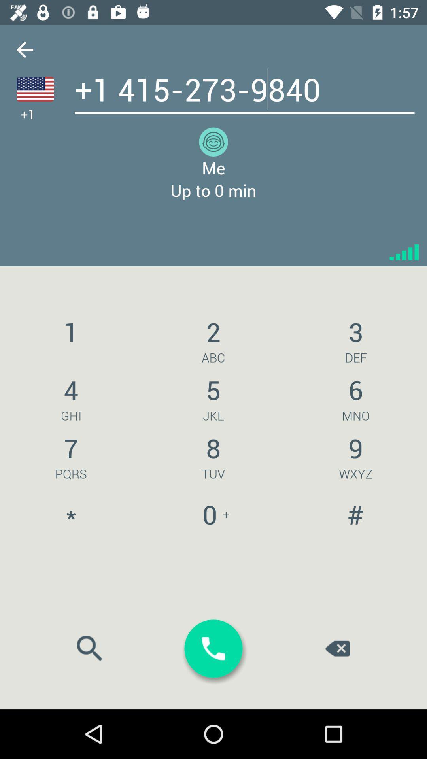  I want to click on call button, so click(213, 649).